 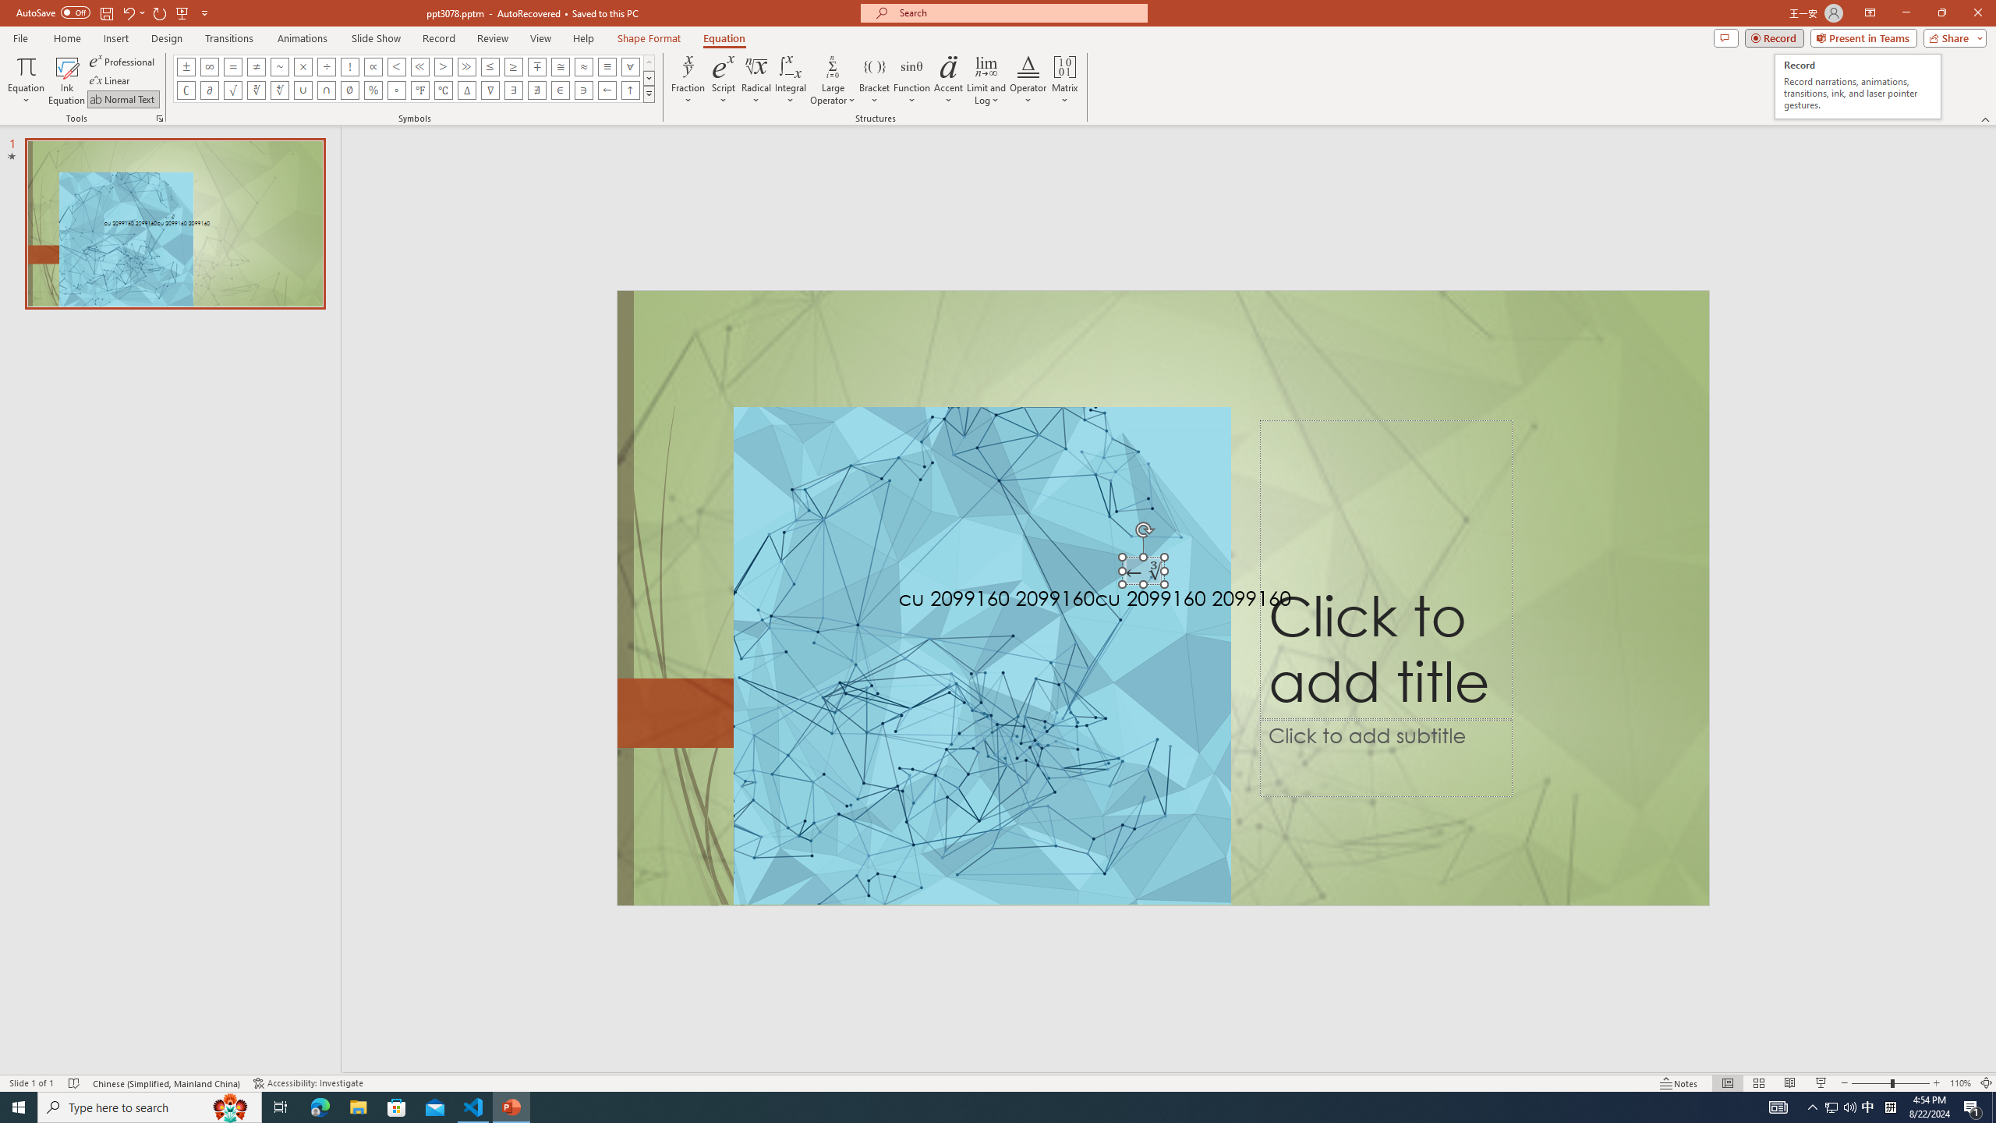 What do you see at coordinates (123, 61) in the screenshot?
I see `'Professional'` at bounding box center [123, 61].